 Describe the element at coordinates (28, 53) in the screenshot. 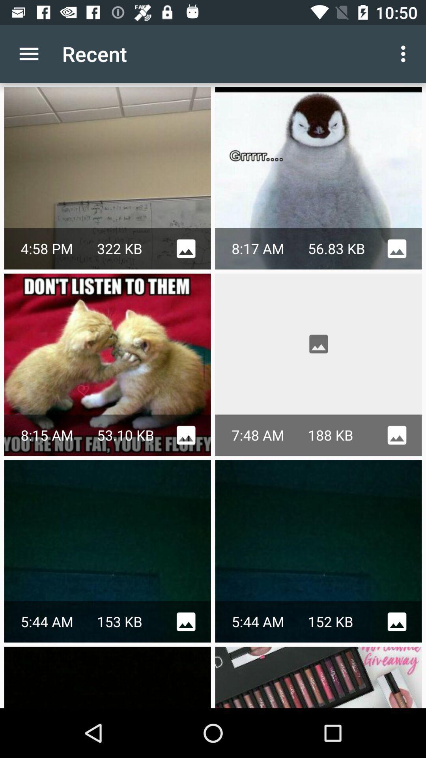

I see `the icon next to recent app` at that location.